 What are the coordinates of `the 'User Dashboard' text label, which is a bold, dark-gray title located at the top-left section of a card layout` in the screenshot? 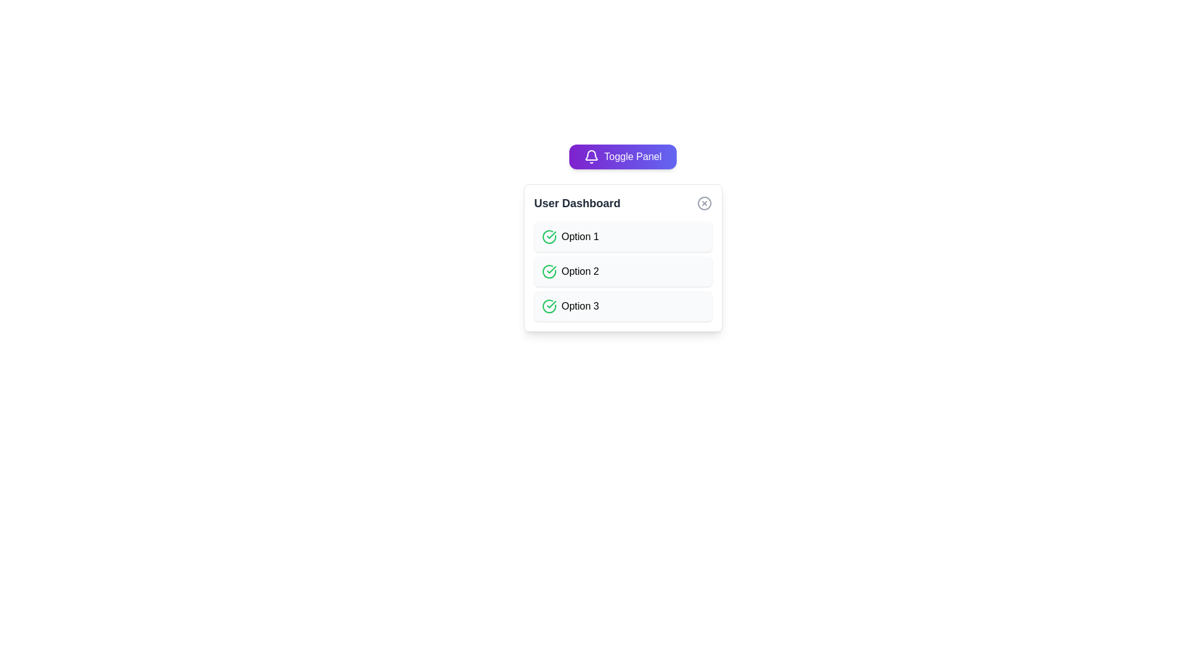 It's located at (577, 202).